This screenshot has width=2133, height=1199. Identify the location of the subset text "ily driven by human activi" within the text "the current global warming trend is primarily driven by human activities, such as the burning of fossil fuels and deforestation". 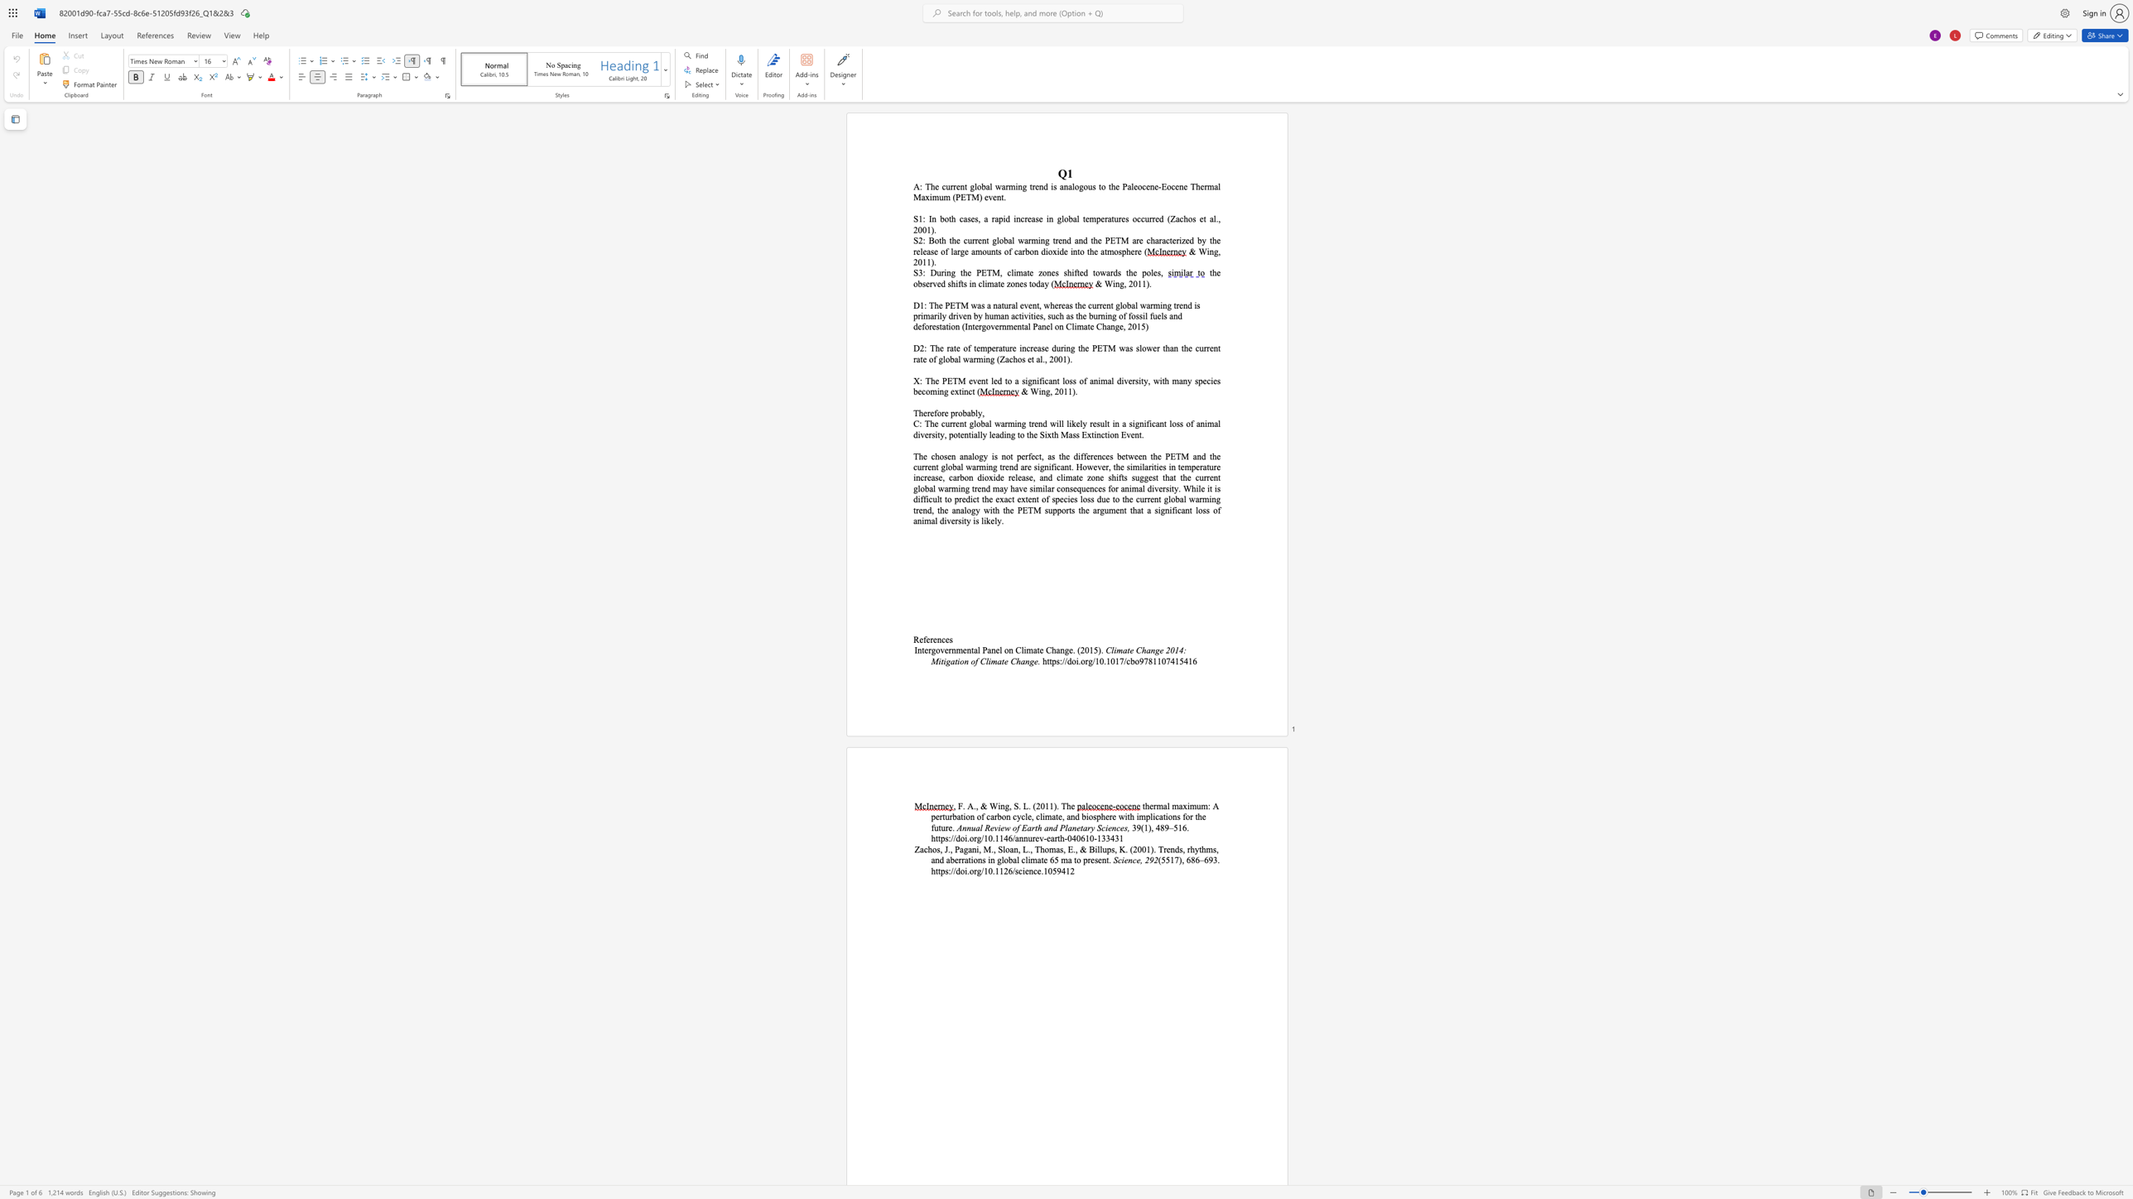
(936, 315).